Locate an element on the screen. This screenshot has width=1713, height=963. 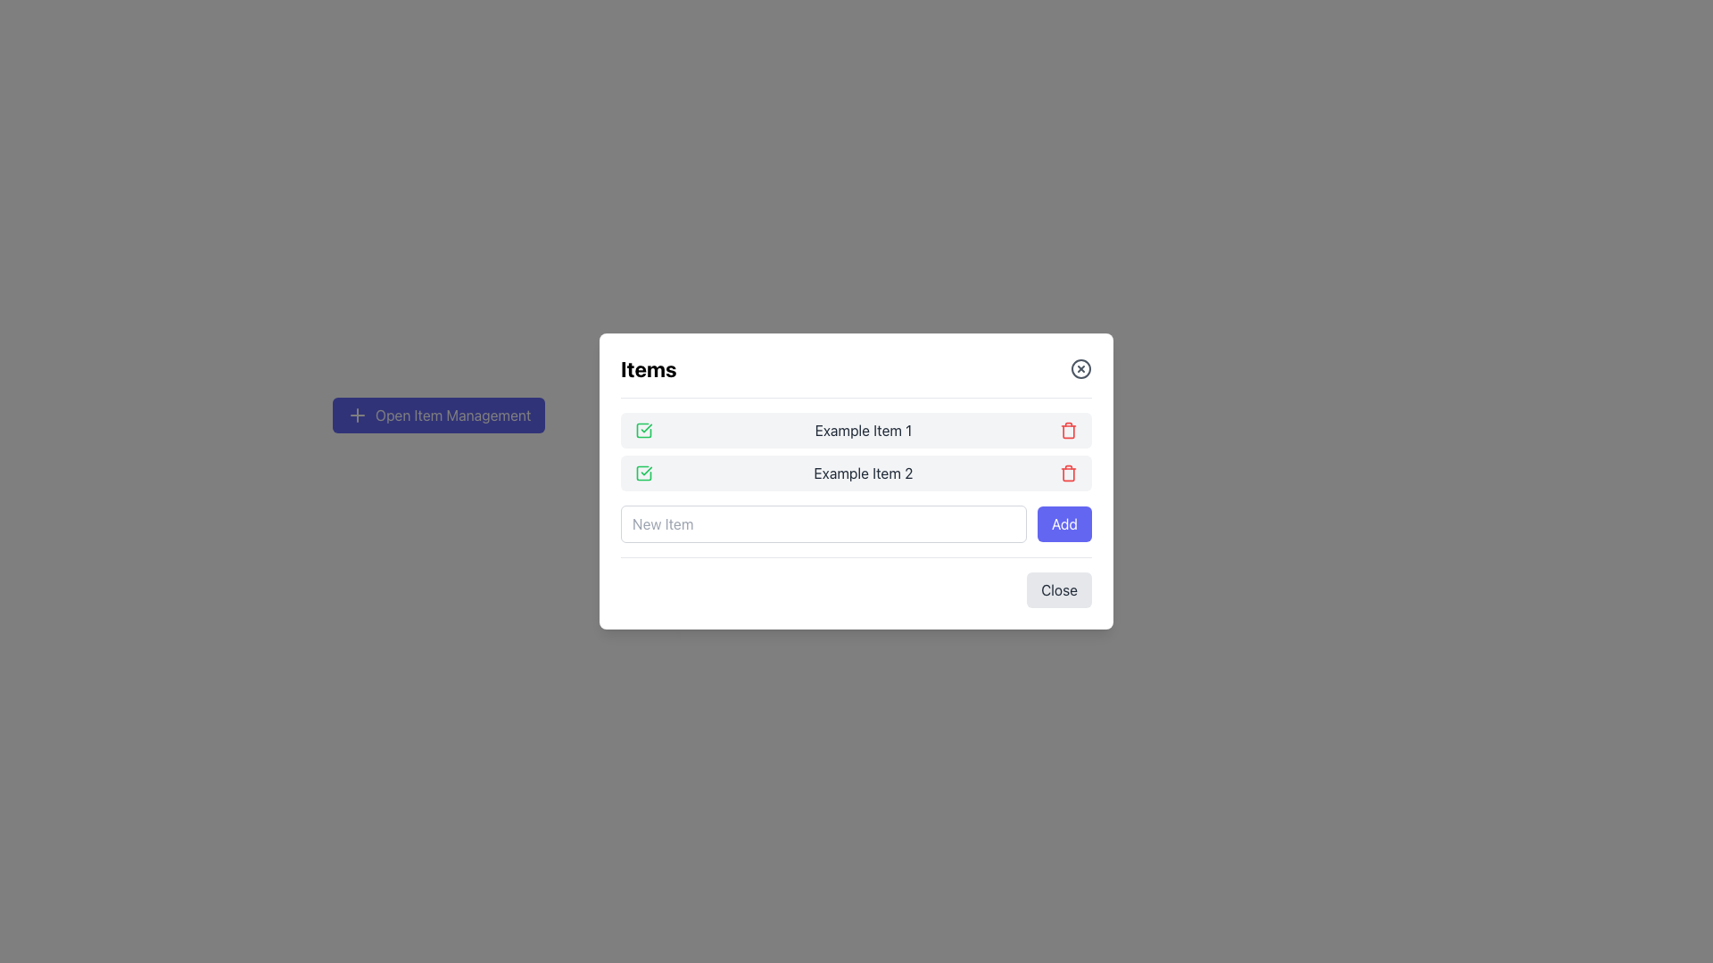
the addition icon located at the leftmost position of the button labeled 'Open Item Management' is located at coordinates (357, 416).